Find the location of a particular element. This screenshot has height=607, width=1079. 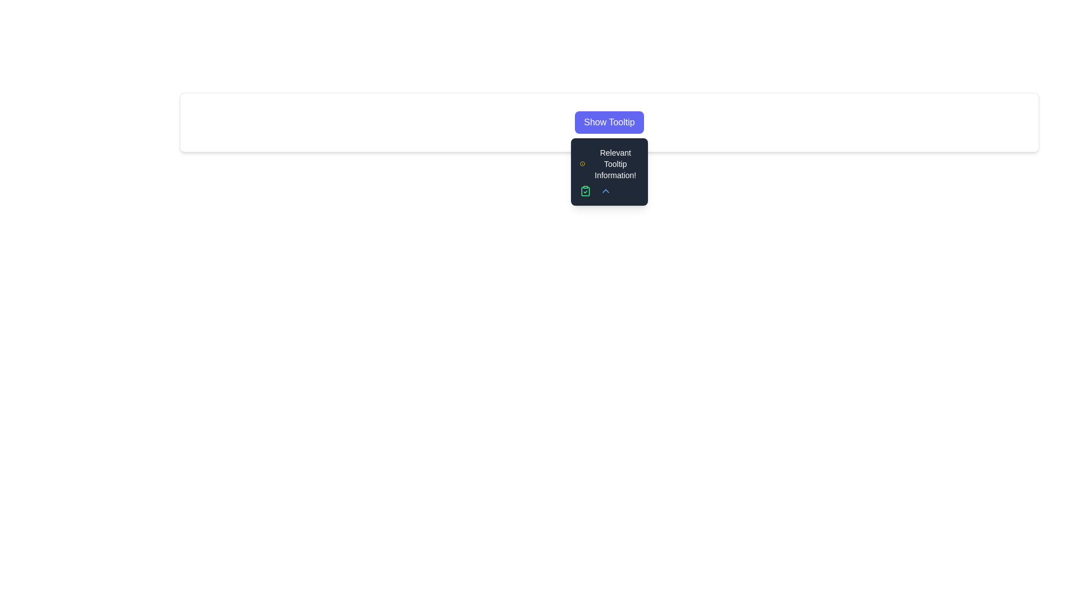

the rectangular button with rounded corners labeled 'Show Tooltip', which has a vibrant purple background and white text, to observe the hover effects is located at coordinates (609, 123).